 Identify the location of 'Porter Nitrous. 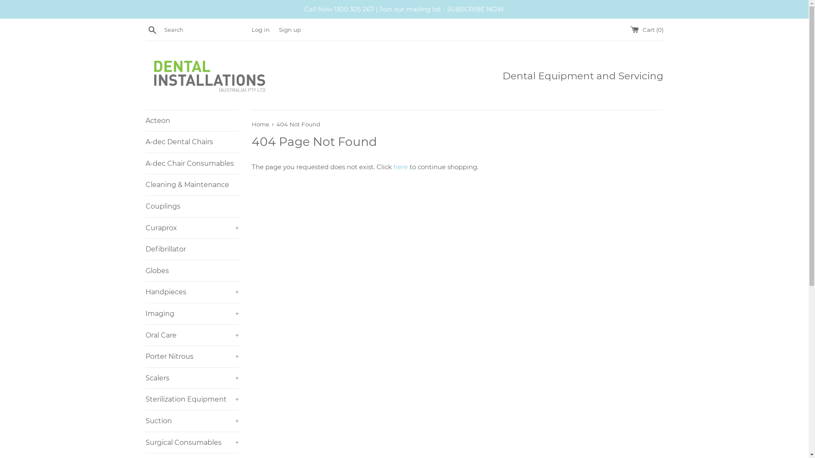
(191, 356).